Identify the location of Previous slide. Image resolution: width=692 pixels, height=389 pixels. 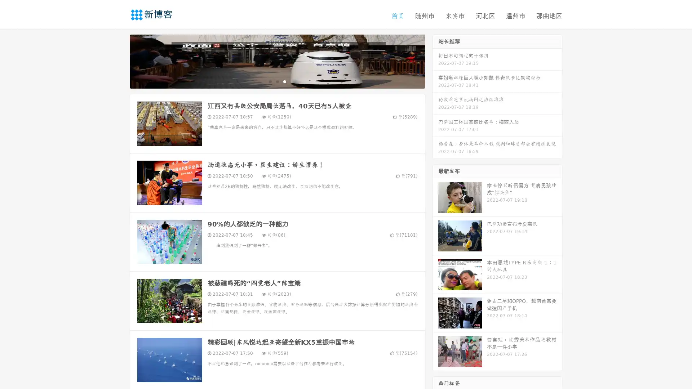
(119, 61).